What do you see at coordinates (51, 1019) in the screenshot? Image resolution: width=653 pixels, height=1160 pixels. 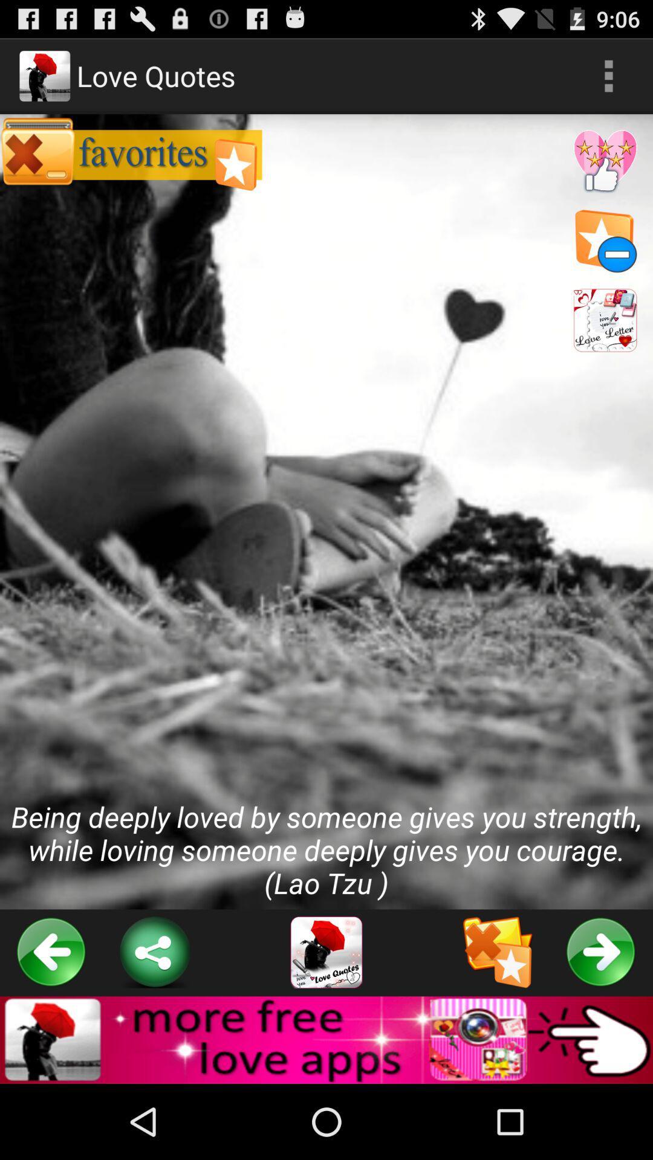 I see `the arrow_backward icon` at bounding box center [51, 1019].